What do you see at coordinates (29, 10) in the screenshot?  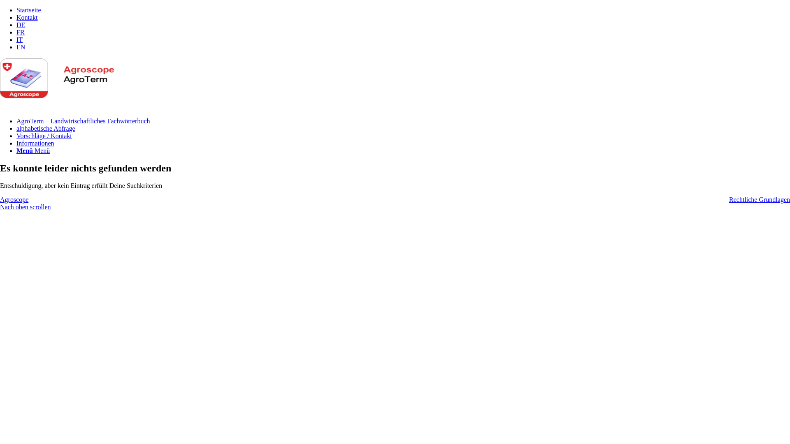 I see `'Startseite'` at bounding box center [29, 10].